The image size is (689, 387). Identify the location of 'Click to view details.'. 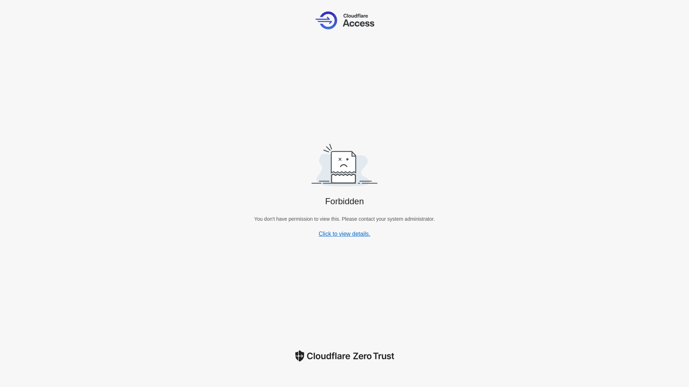
(318, 234).